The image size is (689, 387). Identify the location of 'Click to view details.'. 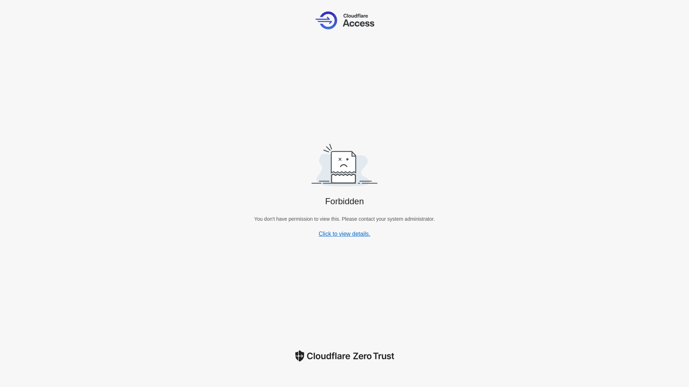
(318, 234).